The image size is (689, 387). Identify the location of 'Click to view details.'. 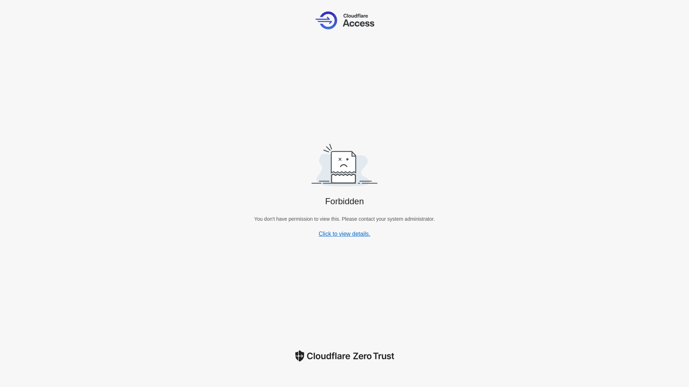
(318, 234).